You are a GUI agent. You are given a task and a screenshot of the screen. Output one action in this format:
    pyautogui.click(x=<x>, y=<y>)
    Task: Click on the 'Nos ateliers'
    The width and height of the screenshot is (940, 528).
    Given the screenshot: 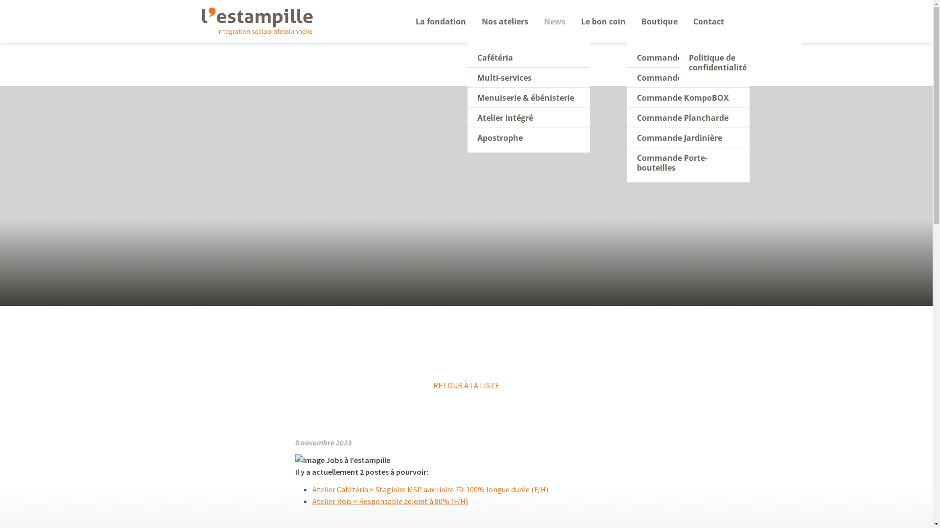 What is the action you would take?
    pyautogui.click(x=505, y=21)
    